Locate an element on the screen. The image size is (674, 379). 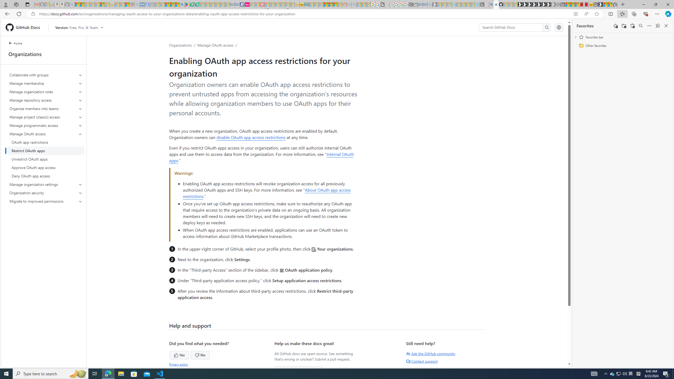
'Wildlife - MSN' is located at coordinates (605, 4).